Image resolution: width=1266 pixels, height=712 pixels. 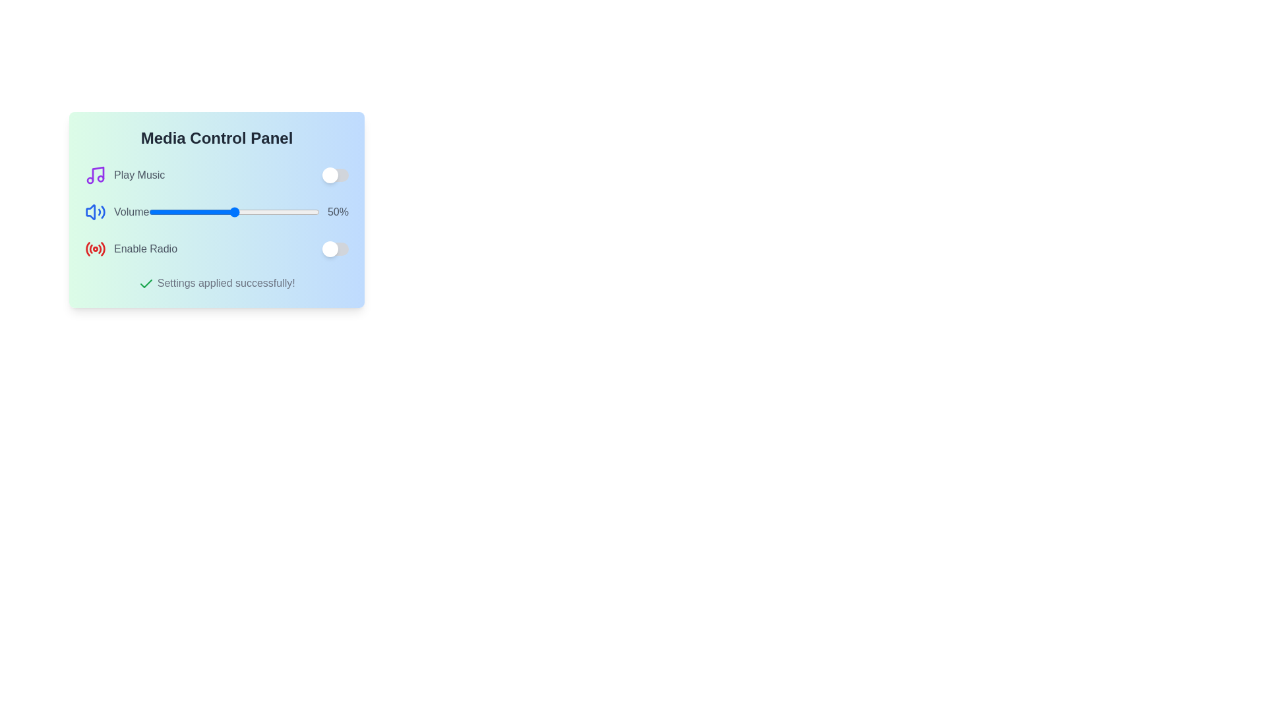 I want to click on the Toggle Switch located in the 'Media Control Panel' interface next to the 'Play Music' label, so click(x=335, y=175).